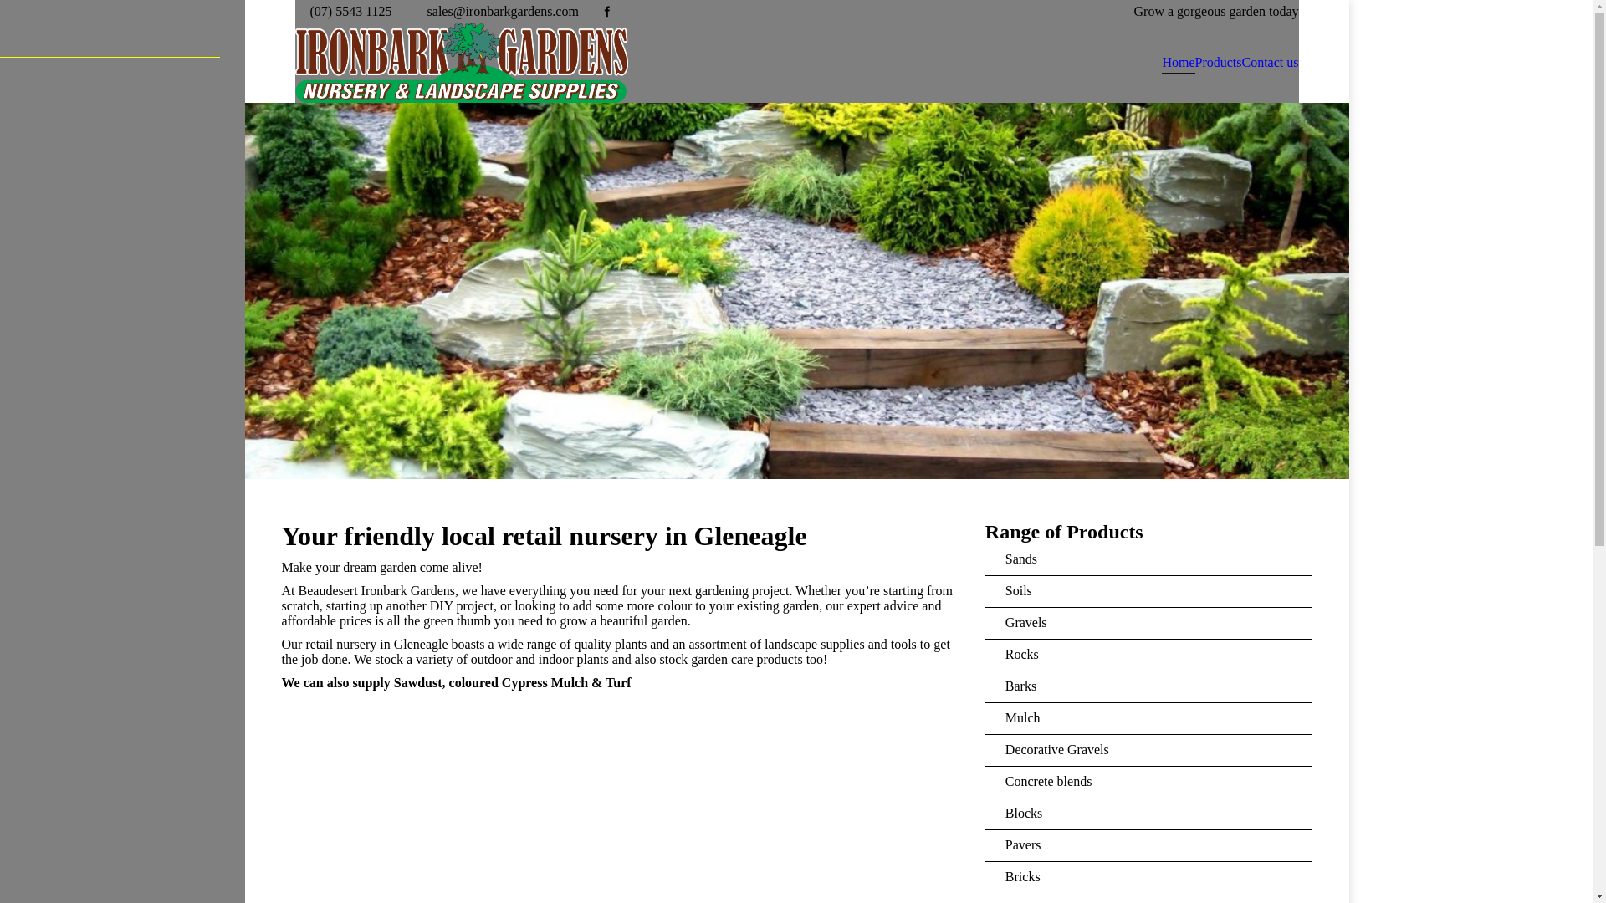  What do you see at coordinates (1177, 61) in the screenshot?
I see `'Home'` at bounding box center [1177, 61].